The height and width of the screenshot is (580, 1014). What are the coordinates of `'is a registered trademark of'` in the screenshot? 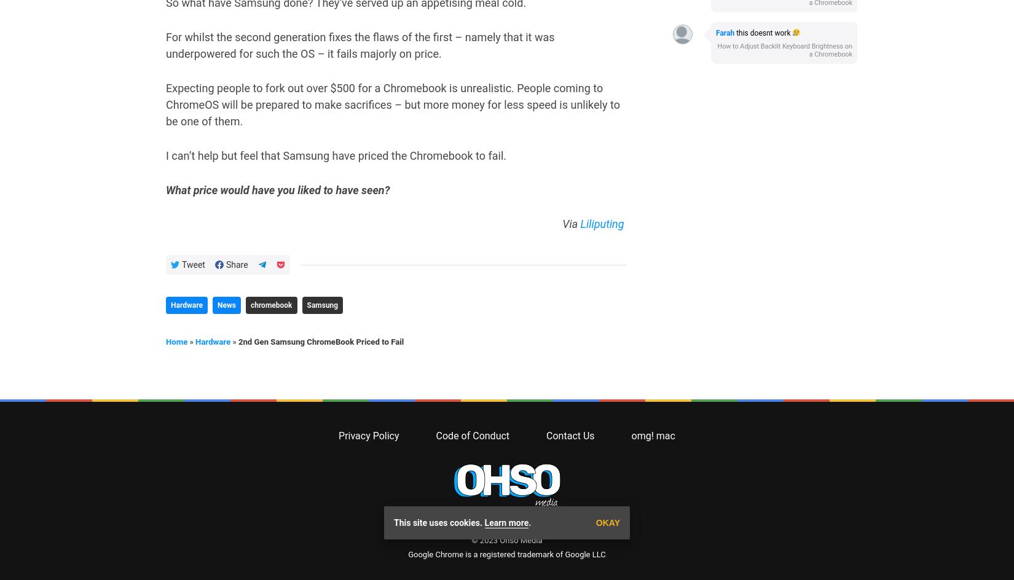 It's located at (514, 73).